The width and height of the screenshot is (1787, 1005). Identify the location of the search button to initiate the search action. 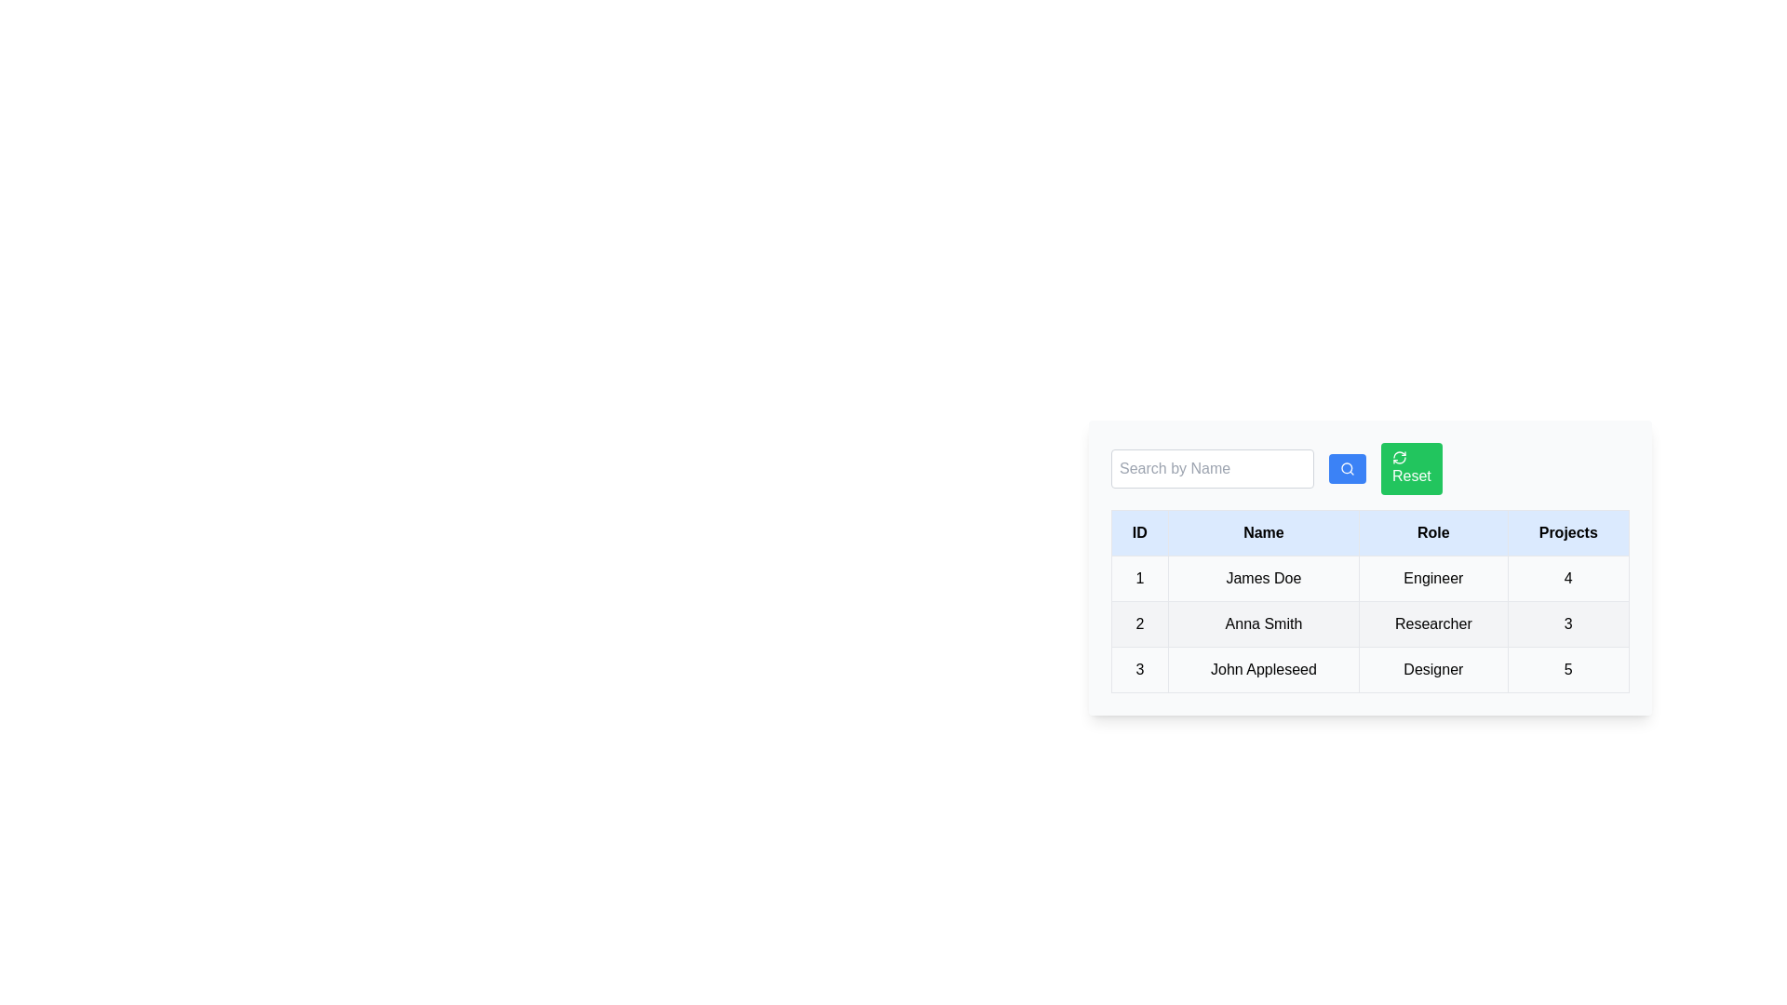
(1348, 468).